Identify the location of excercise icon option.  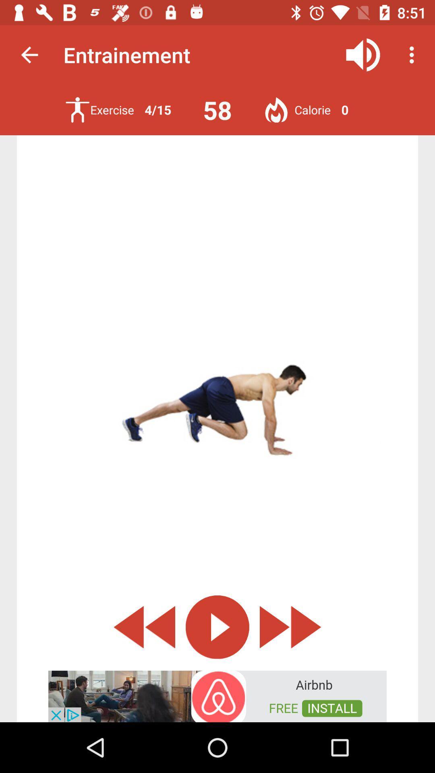
(77, 110).